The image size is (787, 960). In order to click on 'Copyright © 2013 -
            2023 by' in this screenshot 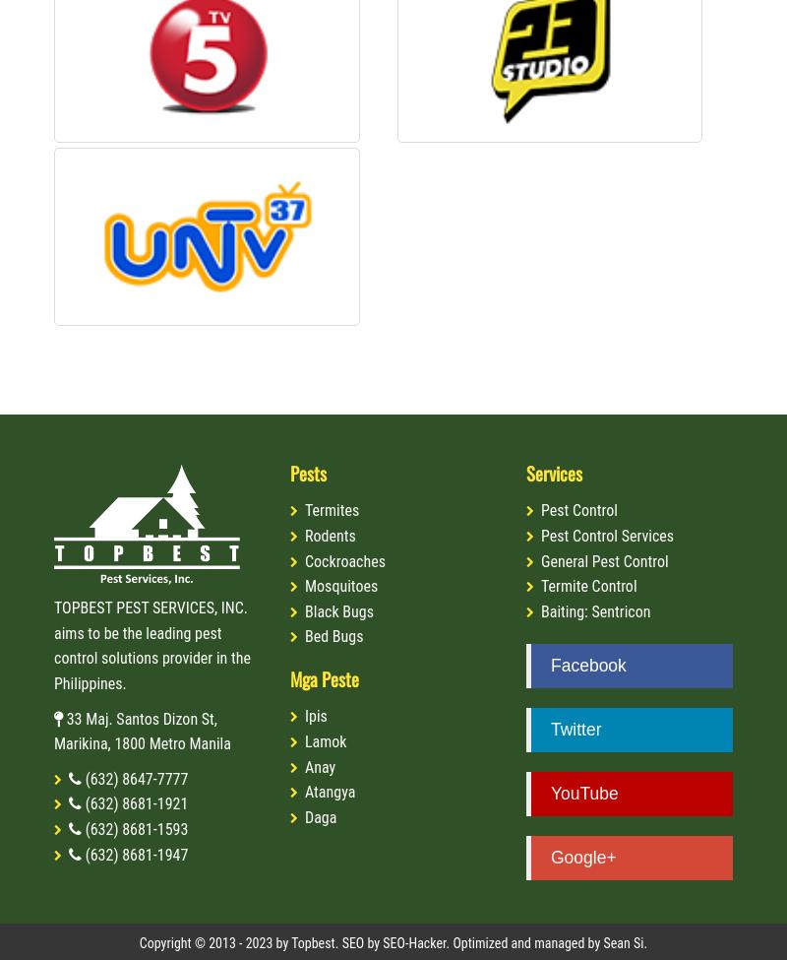, I will do `click(214, 942)`.